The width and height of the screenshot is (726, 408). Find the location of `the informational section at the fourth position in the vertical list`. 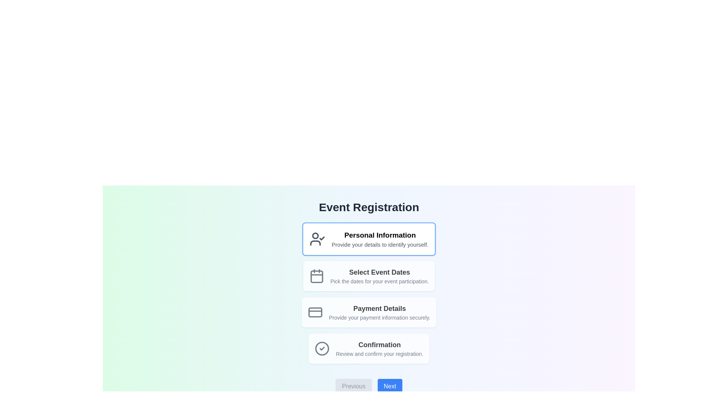

the informational section at the fourth position in the vertical list is located at coordinates (369, 348).